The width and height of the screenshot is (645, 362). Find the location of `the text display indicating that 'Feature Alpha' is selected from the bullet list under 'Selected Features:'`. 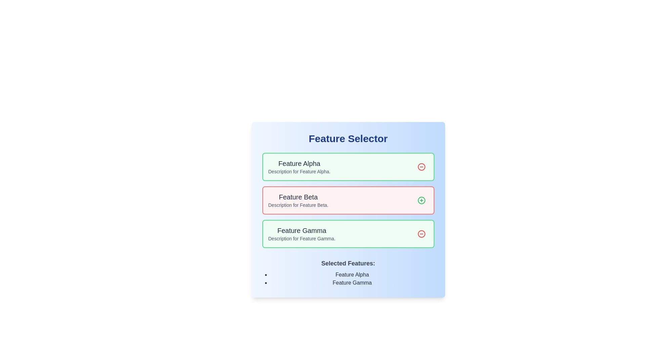

the text display indicating that 'Feature Alpha' is selected from the bullet list under 'Selected Features:' is located at coordinates (352, 275).